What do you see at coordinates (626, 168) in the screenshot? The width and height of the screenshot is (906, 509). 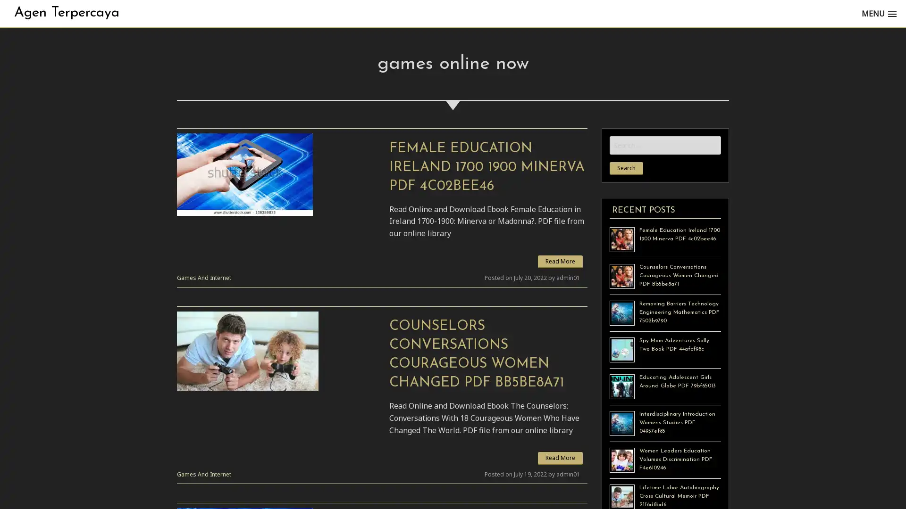 I see `Search` at bounding box center [626, 168].